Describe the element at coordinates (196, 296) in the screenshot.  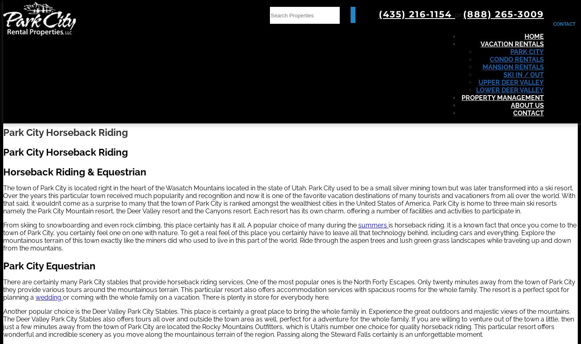
I see `'or coming with the whole family on a vacation. There is plenty in store for everybody here.'` at that location.